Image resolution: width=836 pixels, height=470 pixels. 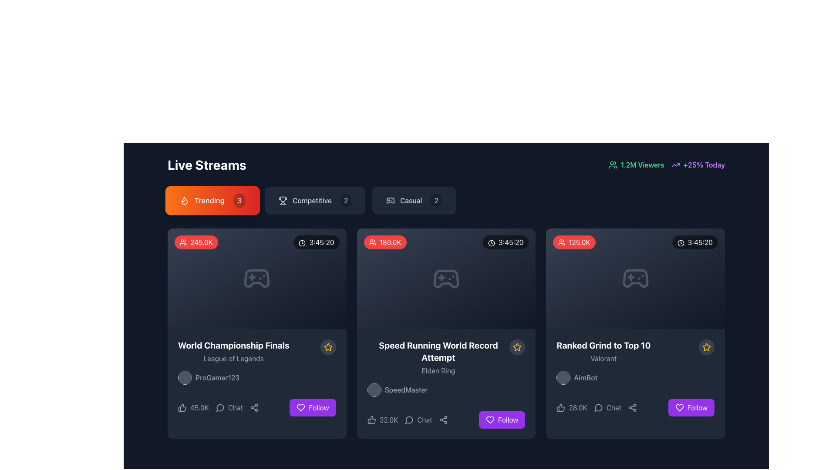 I want to click on the static text label that identifies the game related to the stream, located beneath 'Speed Running World Record Attempt' and above 'SpeedMaster' in the central vertical panel of the 'Live Streams' section, so click(x=438, y=371).